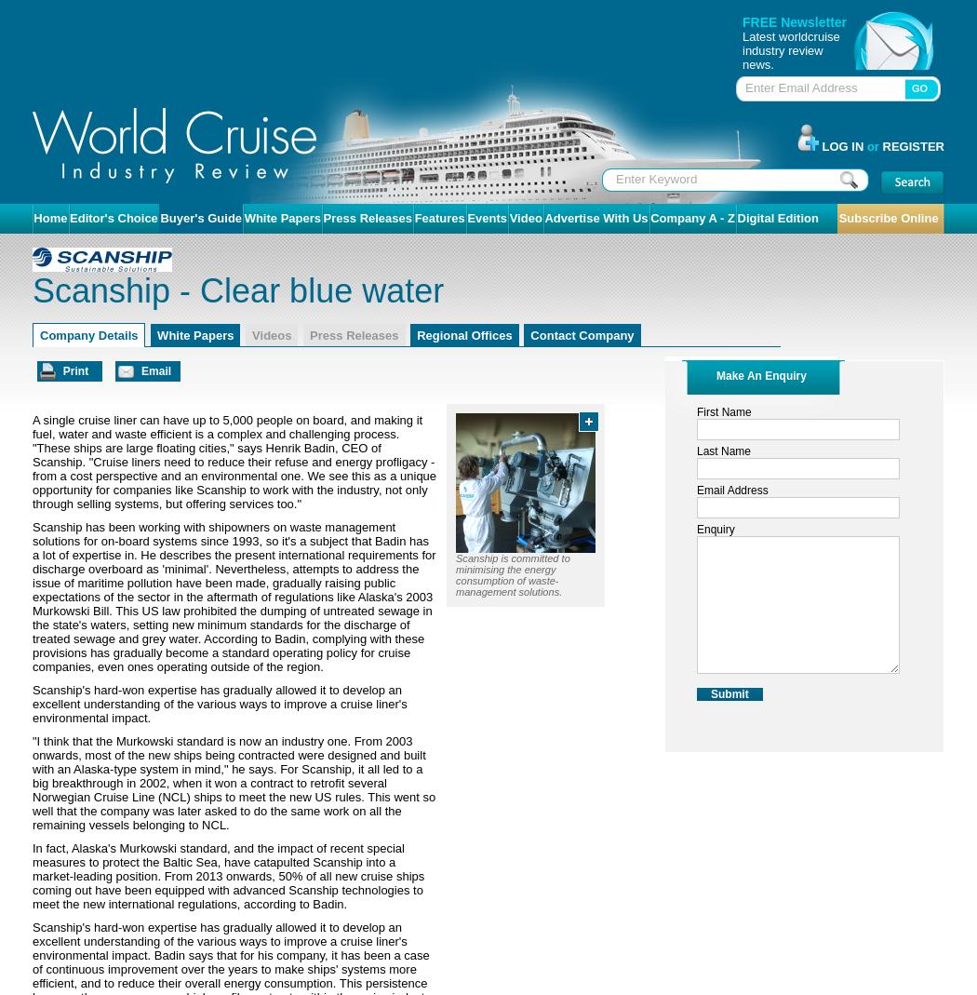  Describe the element at coordinates (731, 490) in the screenshot. I see `'Email Address'` at that location.